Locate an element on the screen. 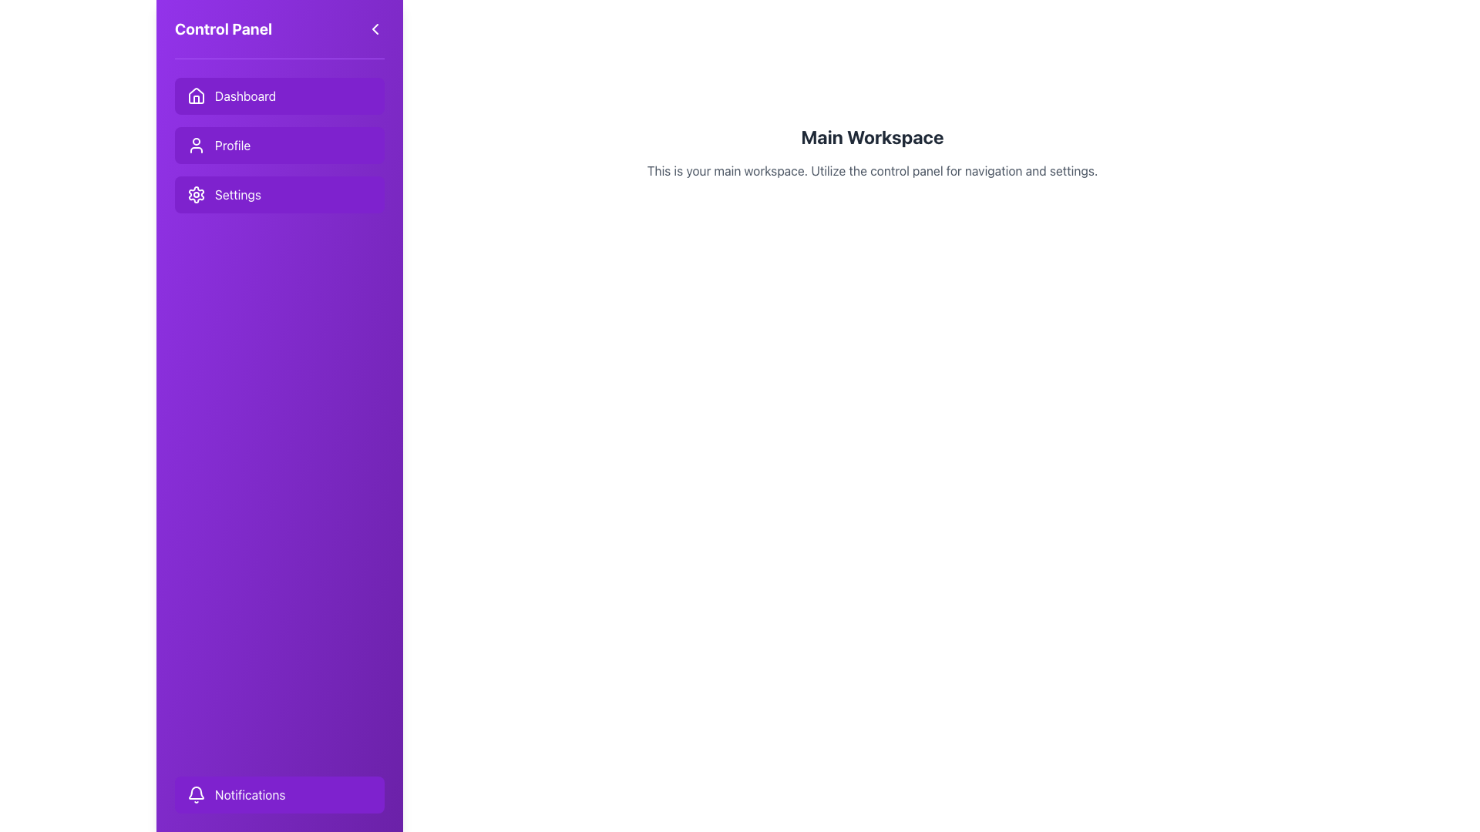  the 'Home' icon in the navigation panel is located at coordinates (195, 95).